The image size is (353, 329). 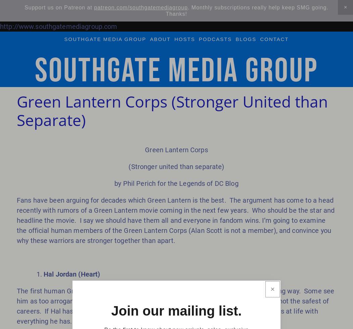 What do you see at coordinates (172, 111) in the screenshot?
I see `'Green Lantern Corps (Stronger United than Separate)'` at bounding box center [172, 111].